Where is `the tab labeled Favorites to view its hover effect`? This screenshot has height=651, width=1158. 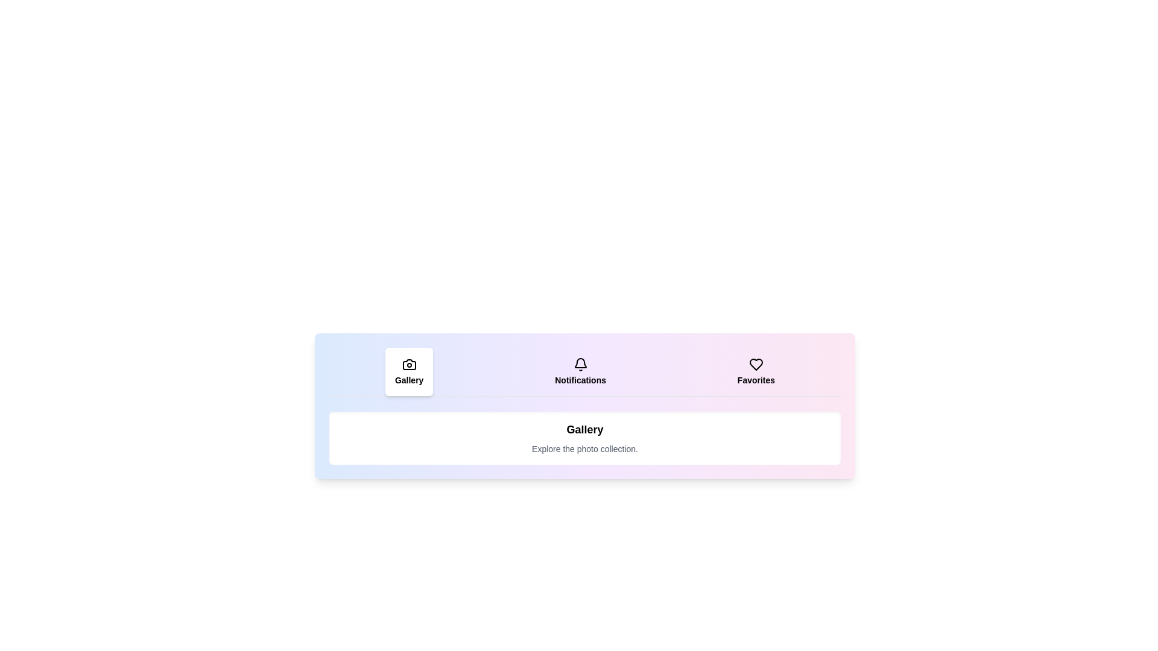 the tab labeled Favorites to view its hover effect is located at coordinates (755, 371).